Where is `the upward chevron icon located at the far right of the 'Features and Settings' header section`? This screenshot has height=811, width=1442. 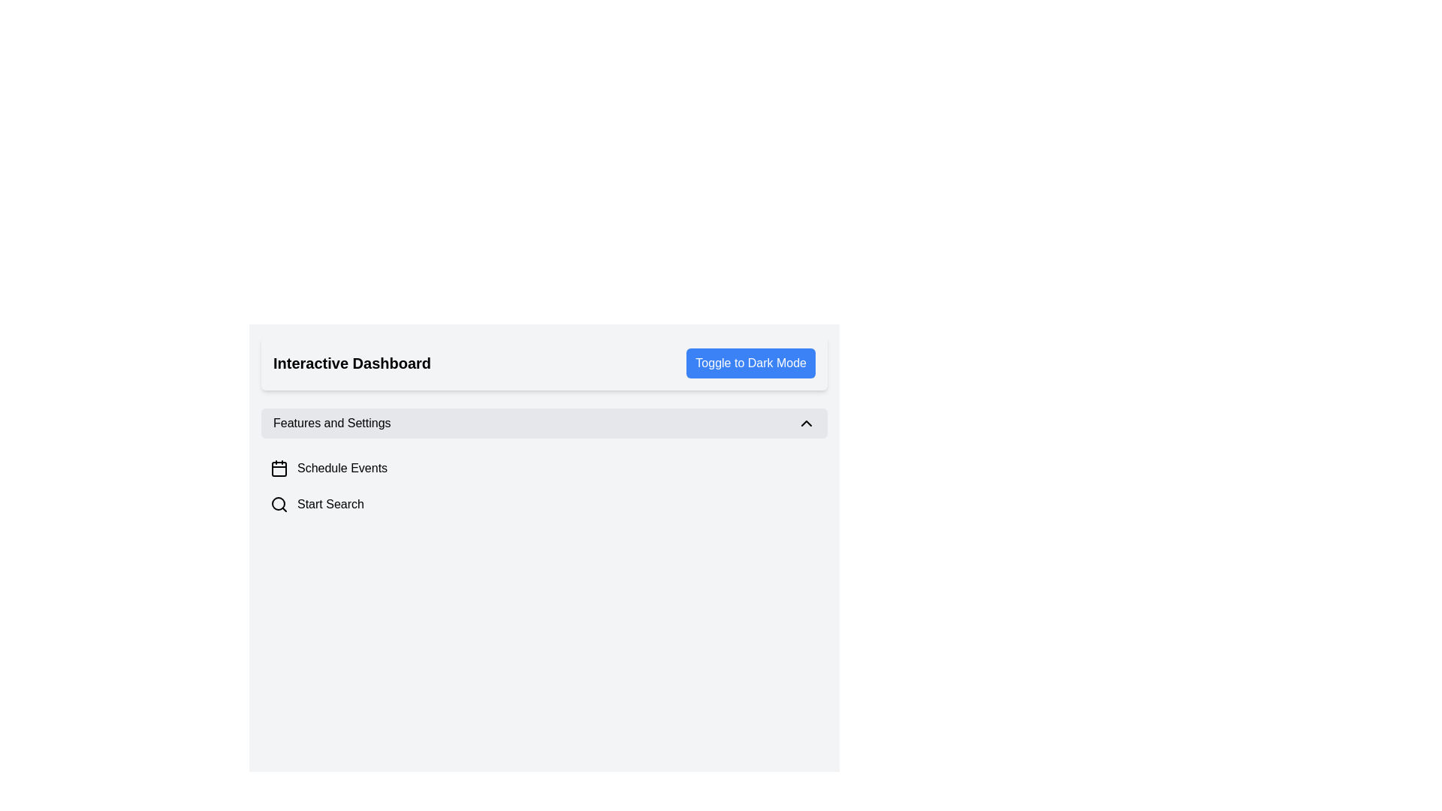 the upward chevron icon located at the far right of the 'Features and Settings' header section is located at coordinates (806, 423).